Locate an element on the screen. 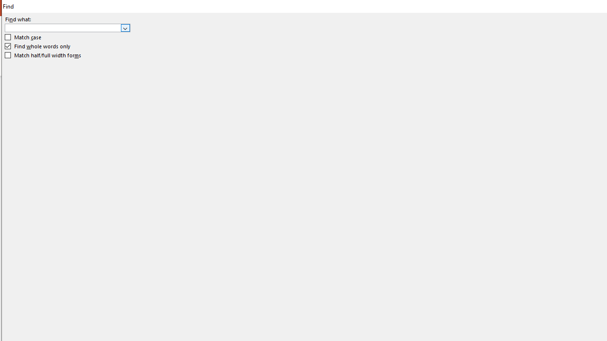 Image resolution: width=607 pixels, height=341 pixels. 'Find what' is located at coordinates (67, 27).